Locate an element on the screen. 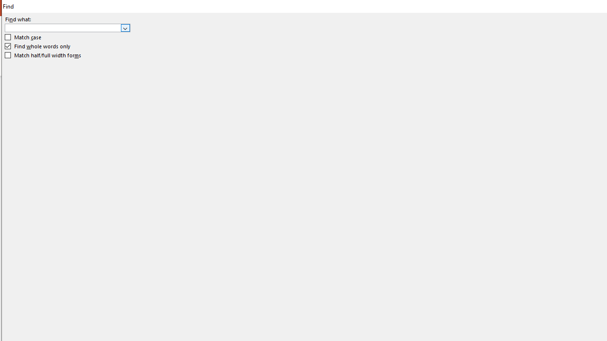 Image resolution: width=607 pixels, height=341 pixels. 'Find what' is located at coordinates (67, 27).